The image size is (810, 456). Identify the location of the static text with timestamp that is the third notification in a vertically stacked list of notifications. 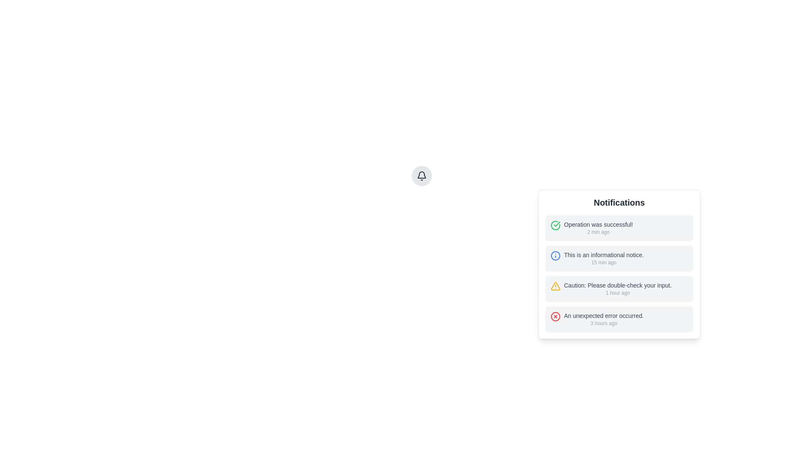
(618, 288).